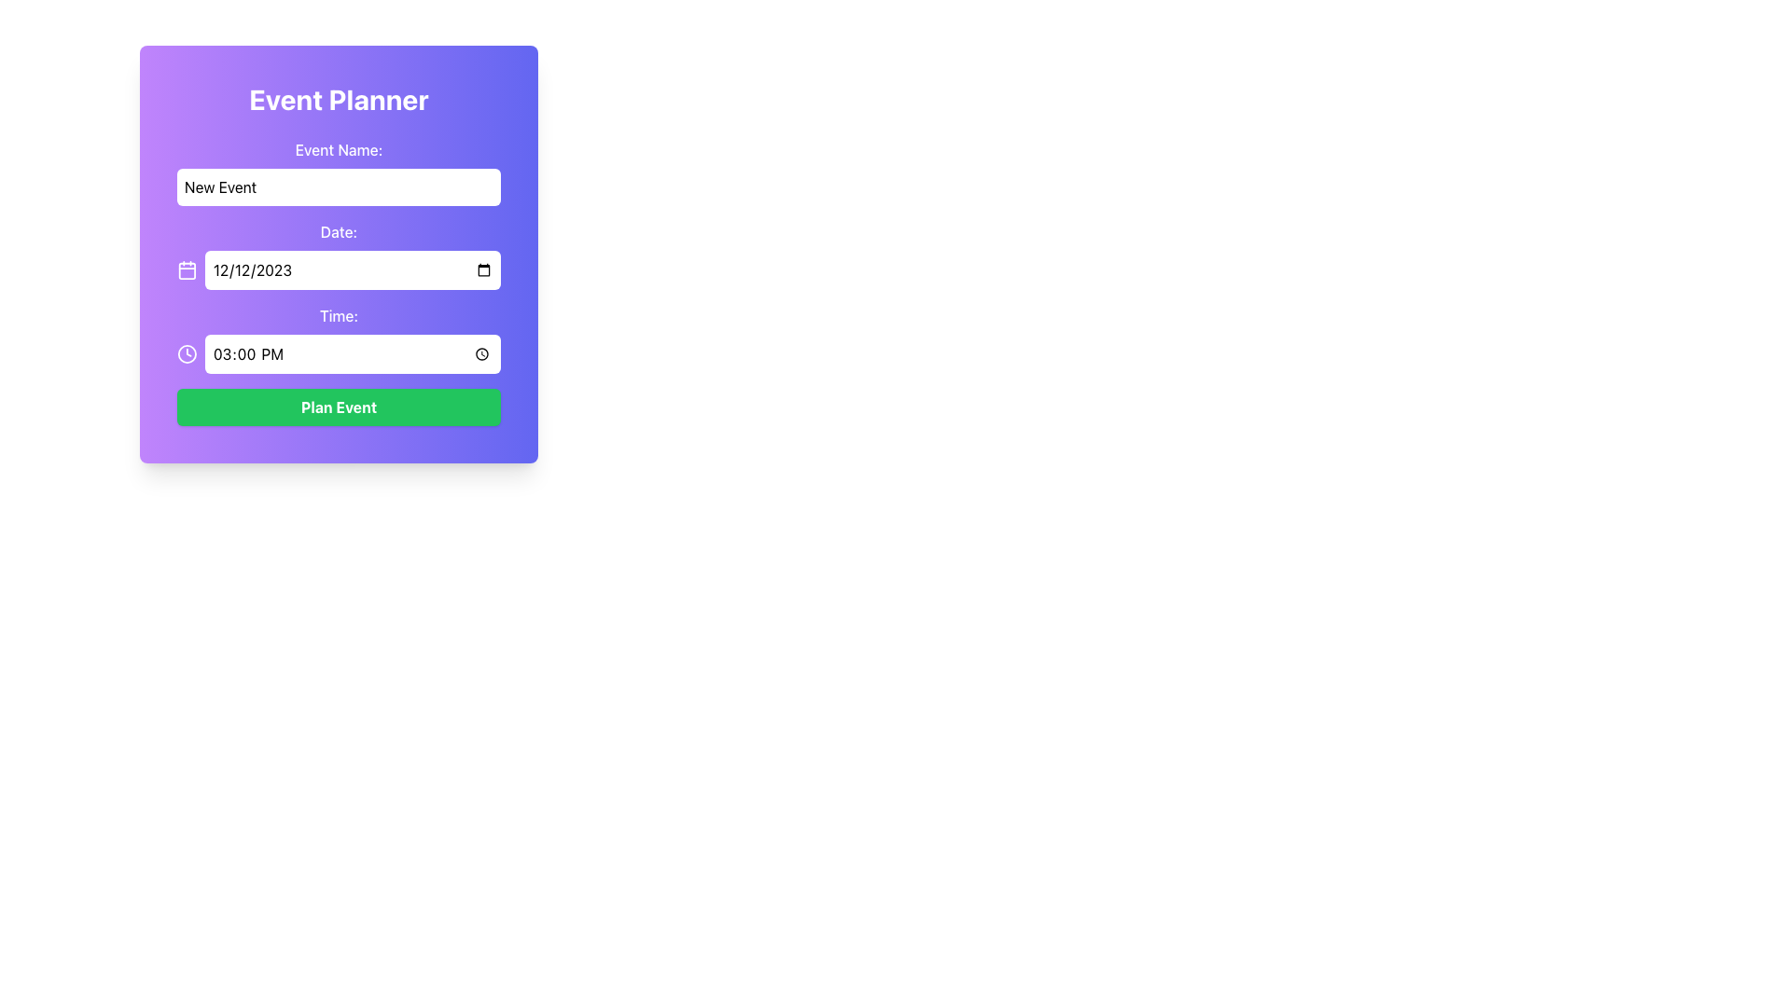  What do you see at coordinates (339, 149) in the screenshot?
I see `the text label that displays 'Event Name:' which is styled with a medium font weight and located on a gradient purple background, positioned above the 'New Event' input field` at bounding box center [339, 149].